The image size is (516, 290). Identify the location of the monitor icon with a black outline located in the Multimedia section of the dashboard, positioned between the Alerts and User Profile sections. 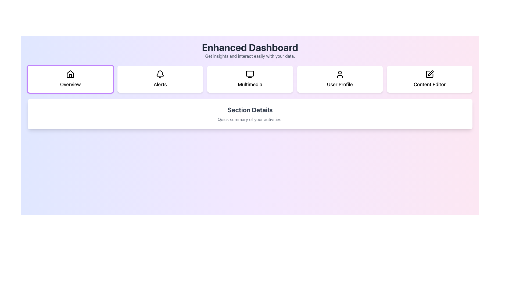
(250, 74).